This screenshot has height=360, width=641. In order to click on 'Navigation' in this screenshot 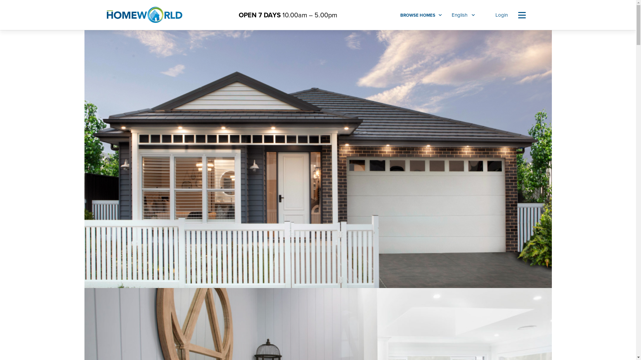, I will do `click(522, 15)`.